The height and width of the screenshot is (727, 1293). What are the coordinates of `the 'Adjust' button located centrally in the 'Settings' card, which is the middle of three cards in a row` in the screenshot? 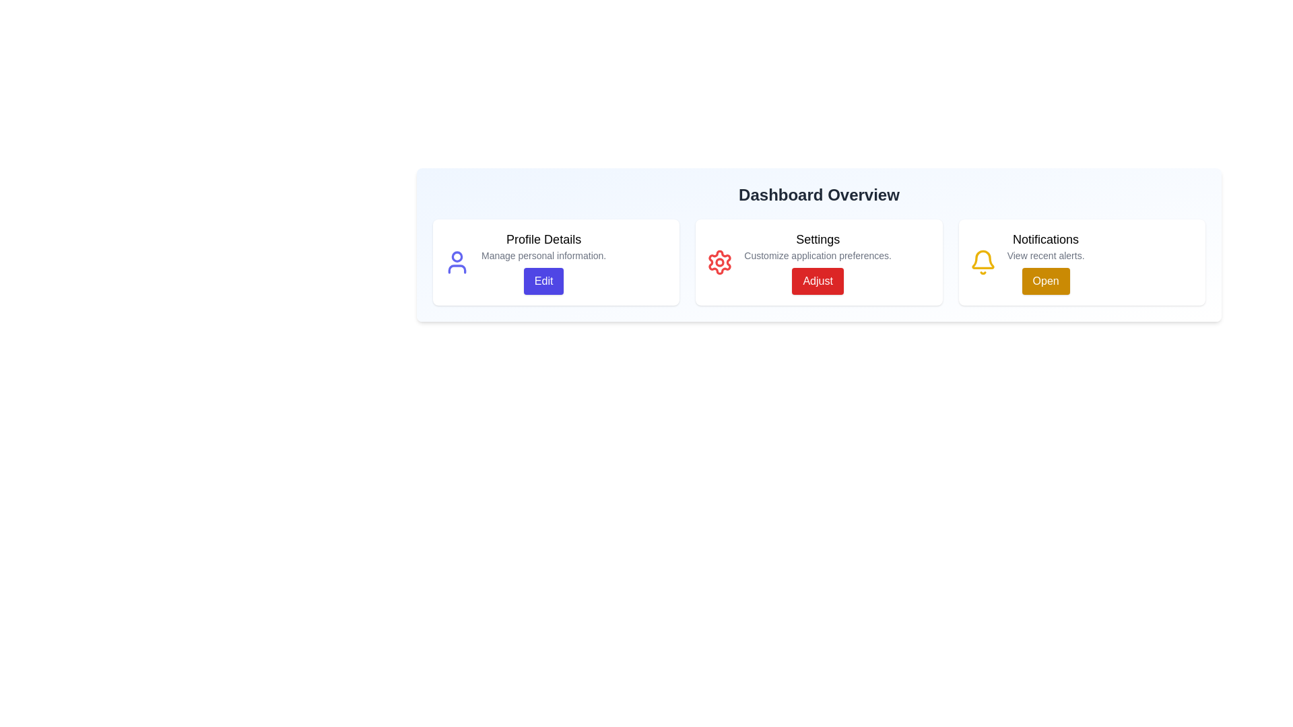 It's located at (817, 280).